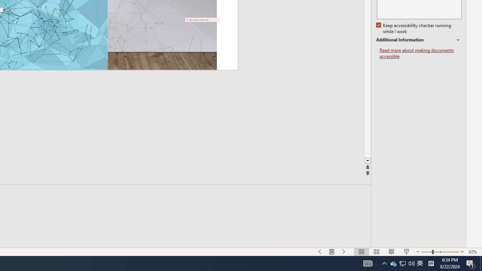 Image resolution: width=482 pixels, height=271 pixels. I want to click on 'Slide Show Previous On', so click(320, 252).